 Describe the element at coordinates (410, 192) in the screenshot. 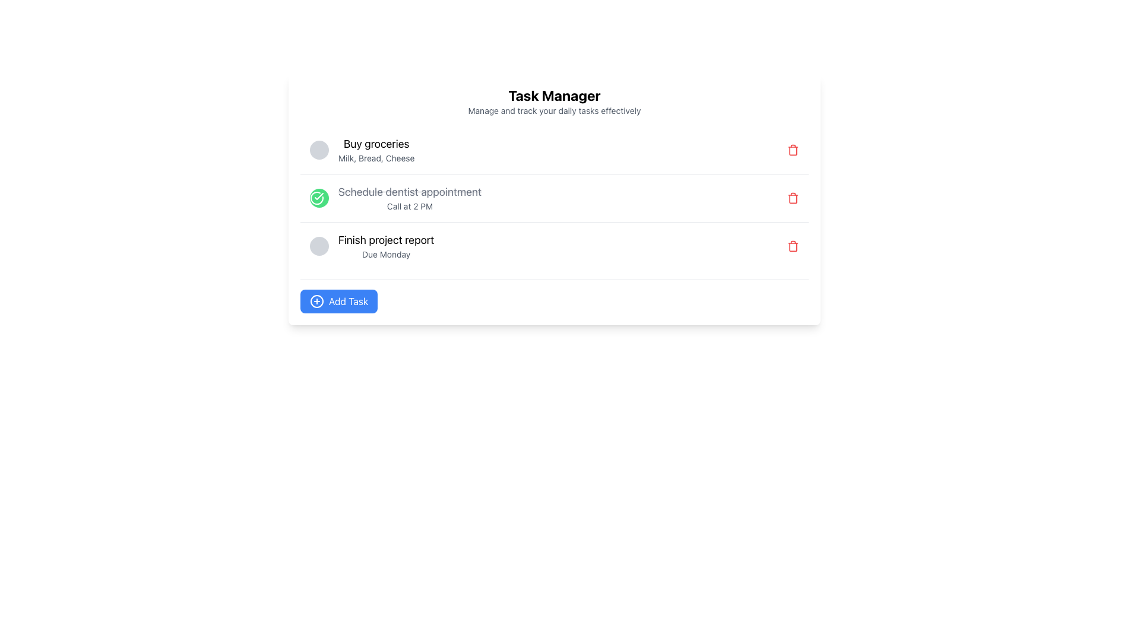

I see `the strikethrough text label displaying 'Schedule dentist appointment' to select the text, which indicates a completed task` at that location.